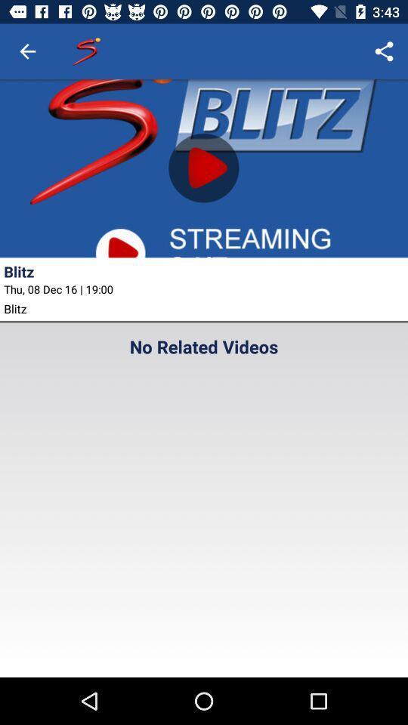 This screenshot has height=725, width=408. What do you see at coordinates (204, 168) in the screenshot?
I see `the play icon` at bounding box center [204, 168].